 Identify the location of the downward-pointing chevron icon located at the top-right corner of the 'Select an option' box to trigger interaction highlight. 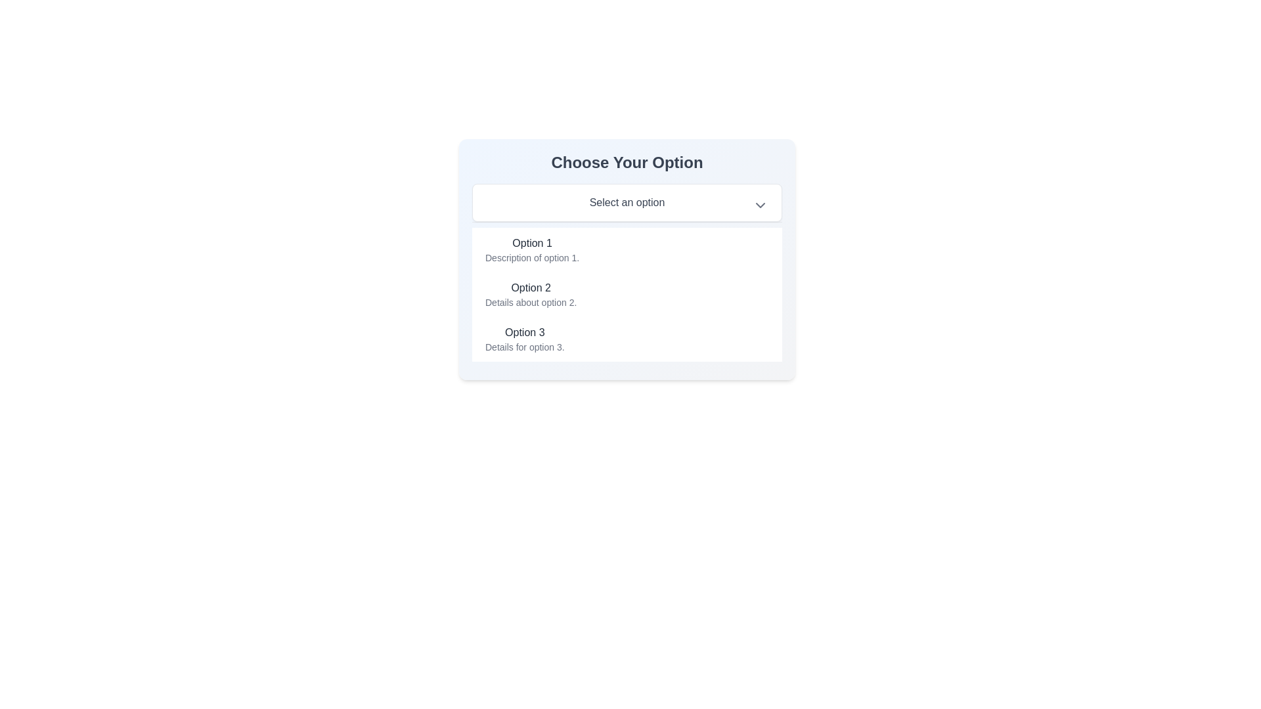
(760, 205).